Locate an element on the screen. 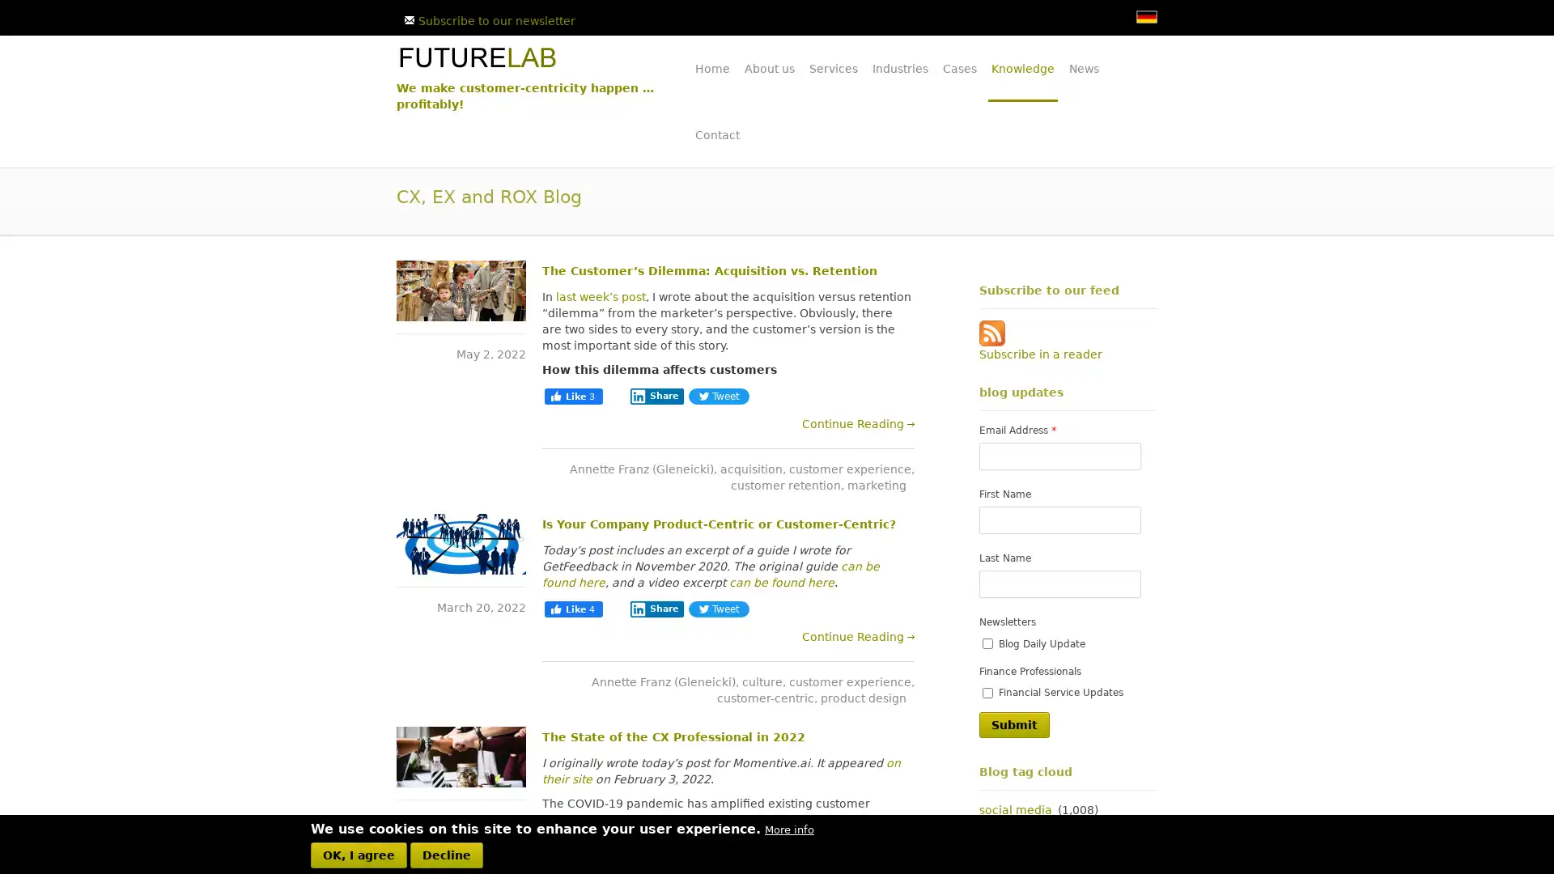 This screenshot has height=874, width=1554. Share is located at coordinates (656, 609).